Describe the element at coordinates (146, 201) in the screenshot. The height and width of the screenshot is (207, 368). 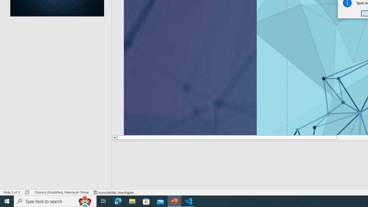
I see `'Microsoft Store'` at that location.